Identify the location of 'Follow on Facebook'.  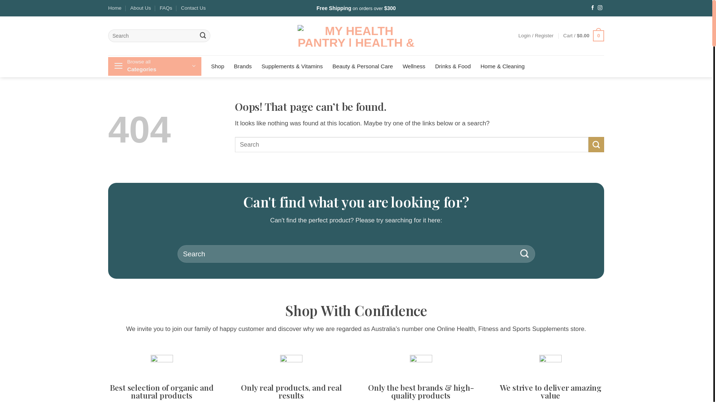
(590, 8).